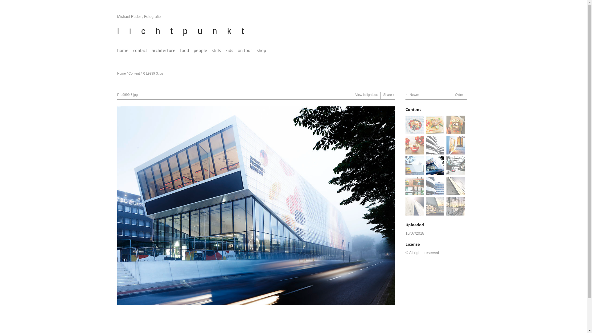 This screenshot has width=592, height=333. What do you see at coordinates (461, 95) in the screenshot?
I see `'Older'` at bounding box center [461, 95].